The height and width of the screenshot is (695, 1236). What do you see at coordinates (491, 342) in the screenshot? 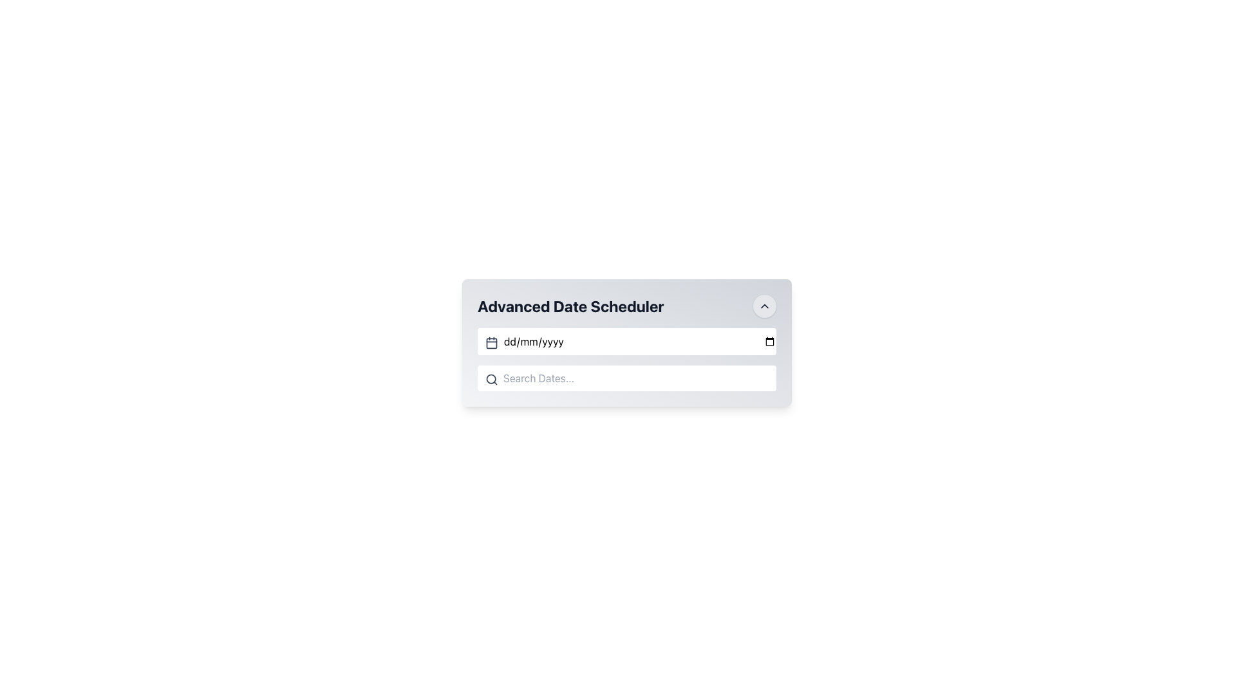
I see `the Decorative Box within the calendar icon, which is a square-shaped icon with rounded corners located centrally in the main body area of the calendar` at bounding box center [491, 342].